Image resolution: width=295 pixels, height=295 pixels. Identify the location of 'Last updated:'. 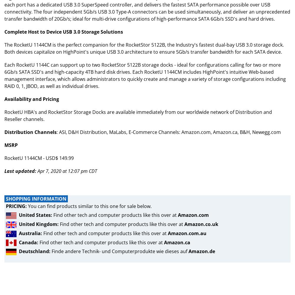
(20, 171).